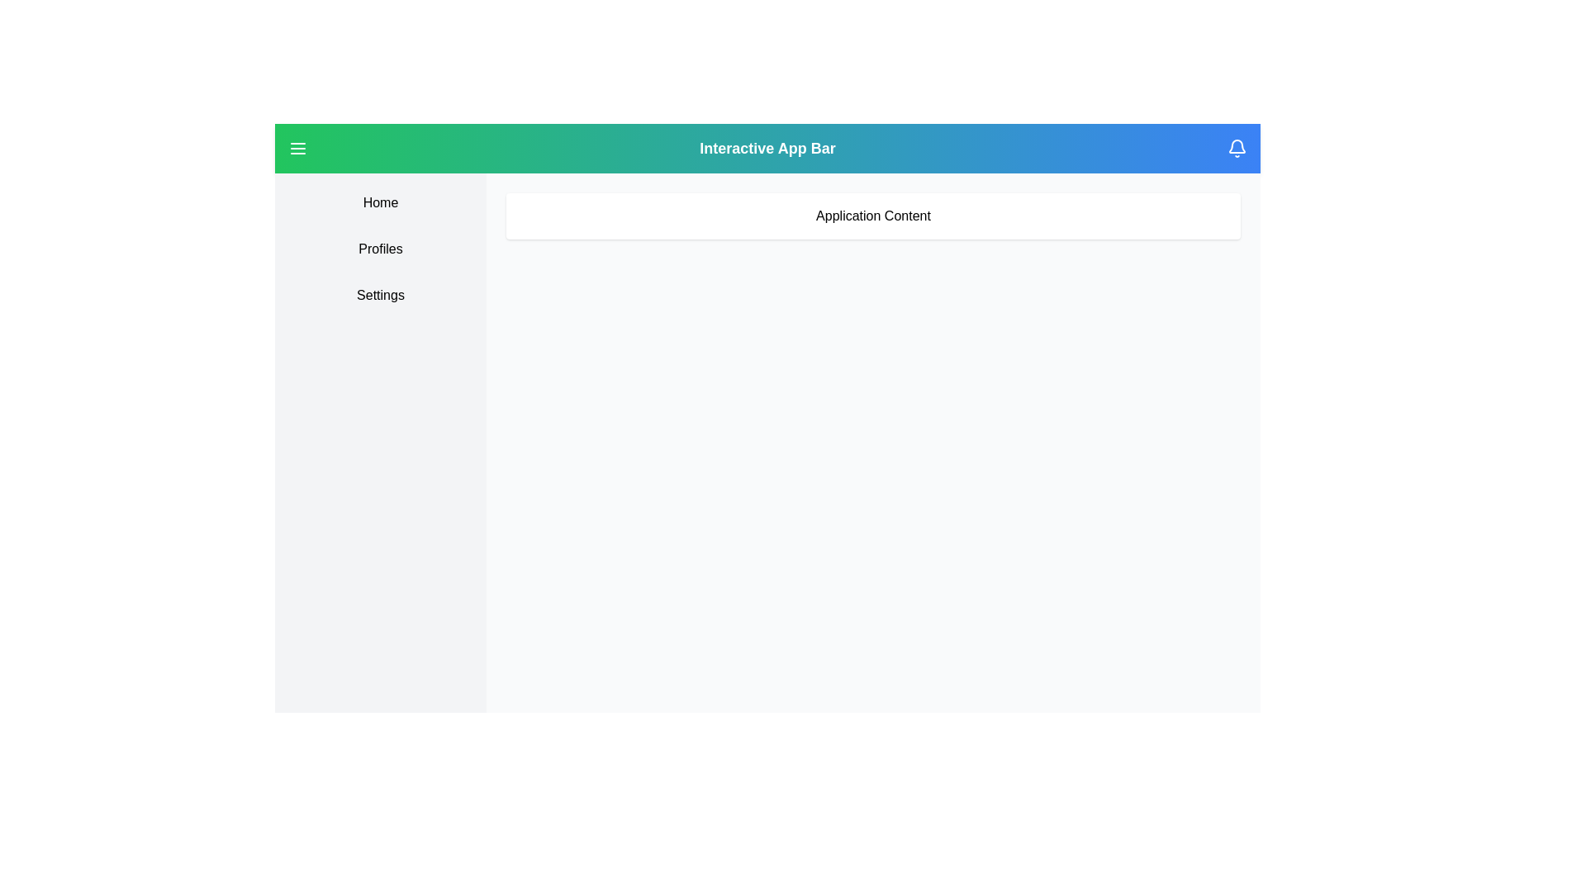 The image size is (1586, 892). Describe the element at coordinates (379, 202) in the screenshot. I see `the sidebar menu item Home to navigate to the corresponding section` at that location.